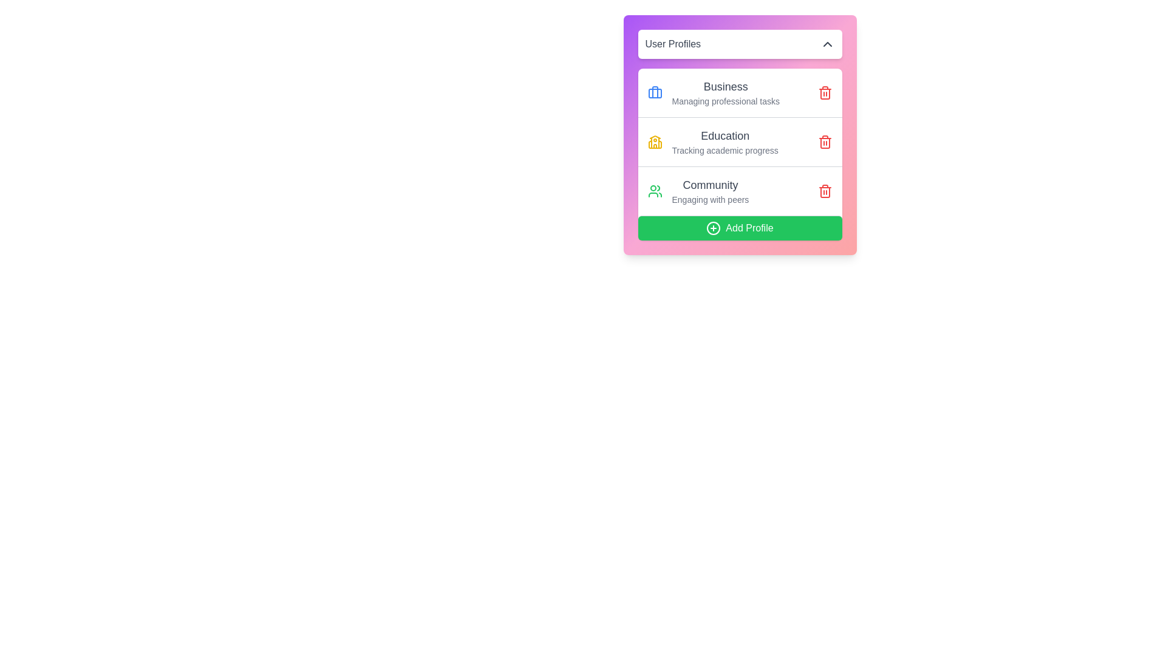  I want to click on text label indicating the user profile category, positioned near the center of the section and above the description line 'Managing professional tasks', so click(726, 86).